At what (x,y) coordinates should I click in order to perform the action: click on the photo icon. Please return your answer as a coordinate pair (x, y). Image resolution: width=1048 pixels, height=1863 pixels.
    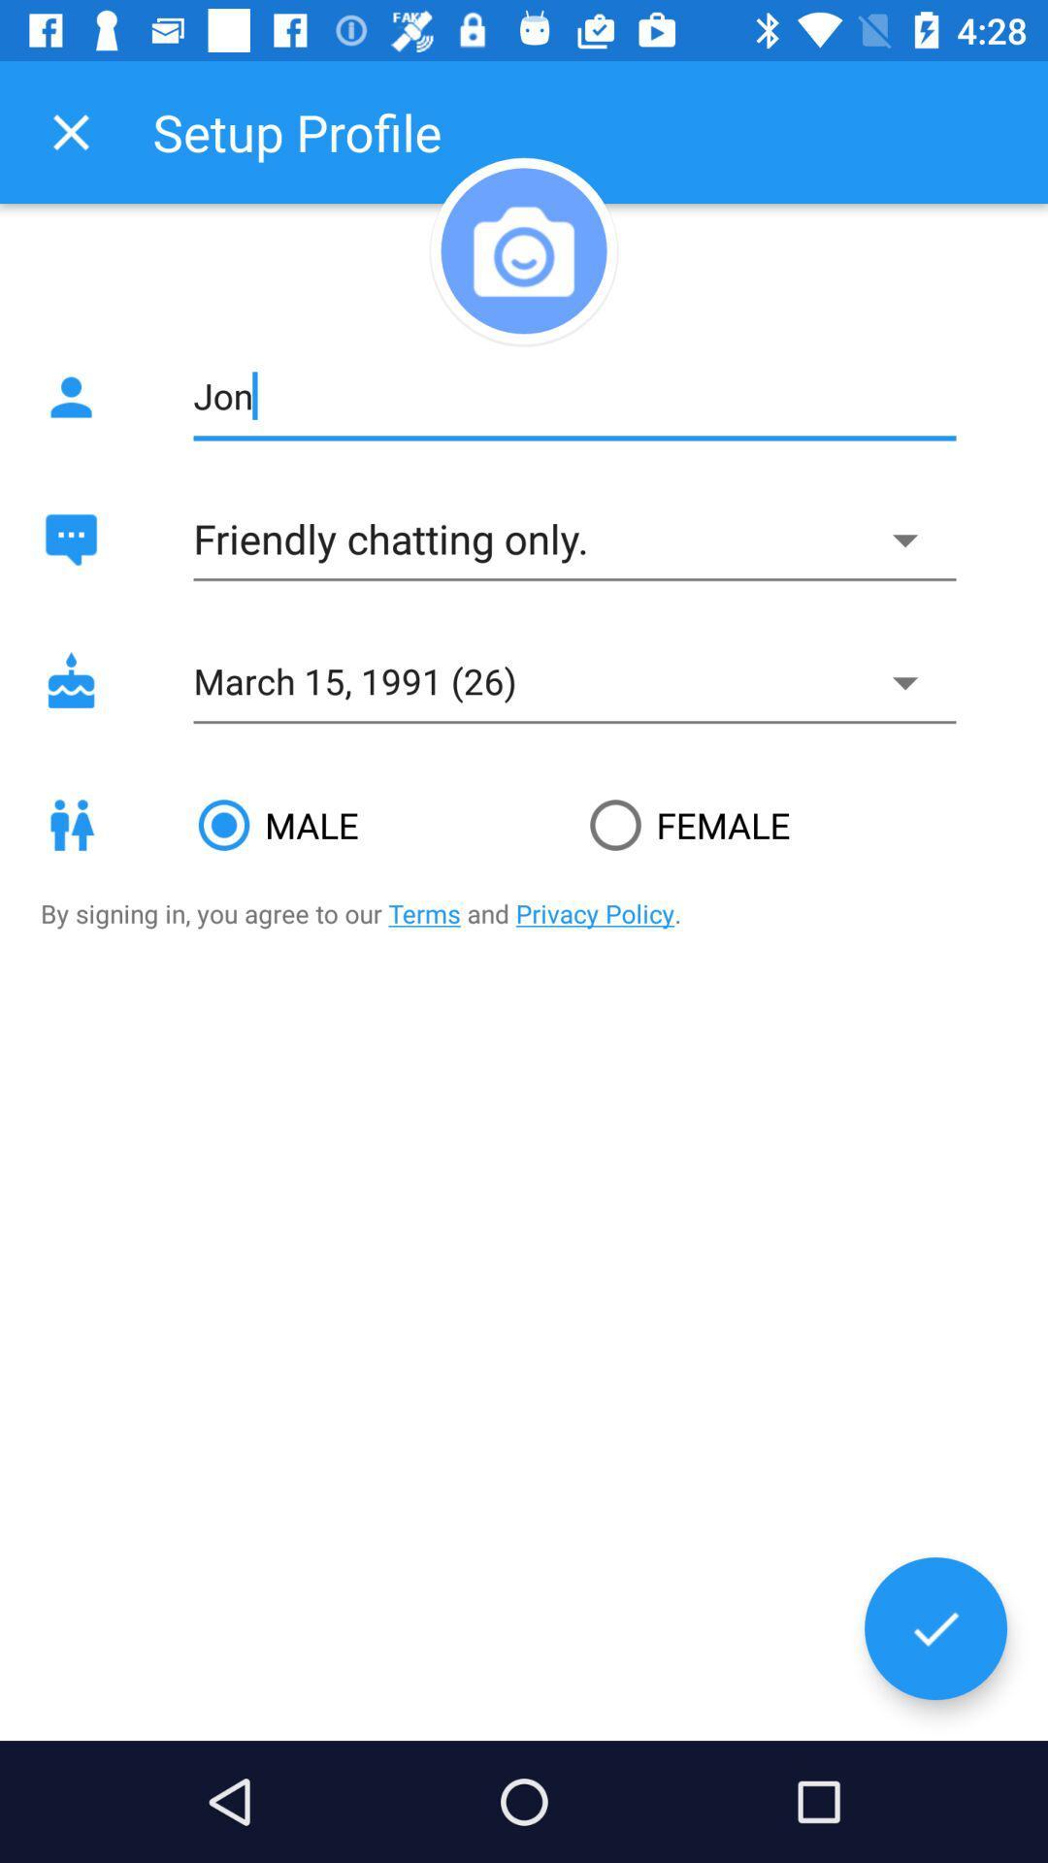
    Looking at the image, I should click on (524, 249).